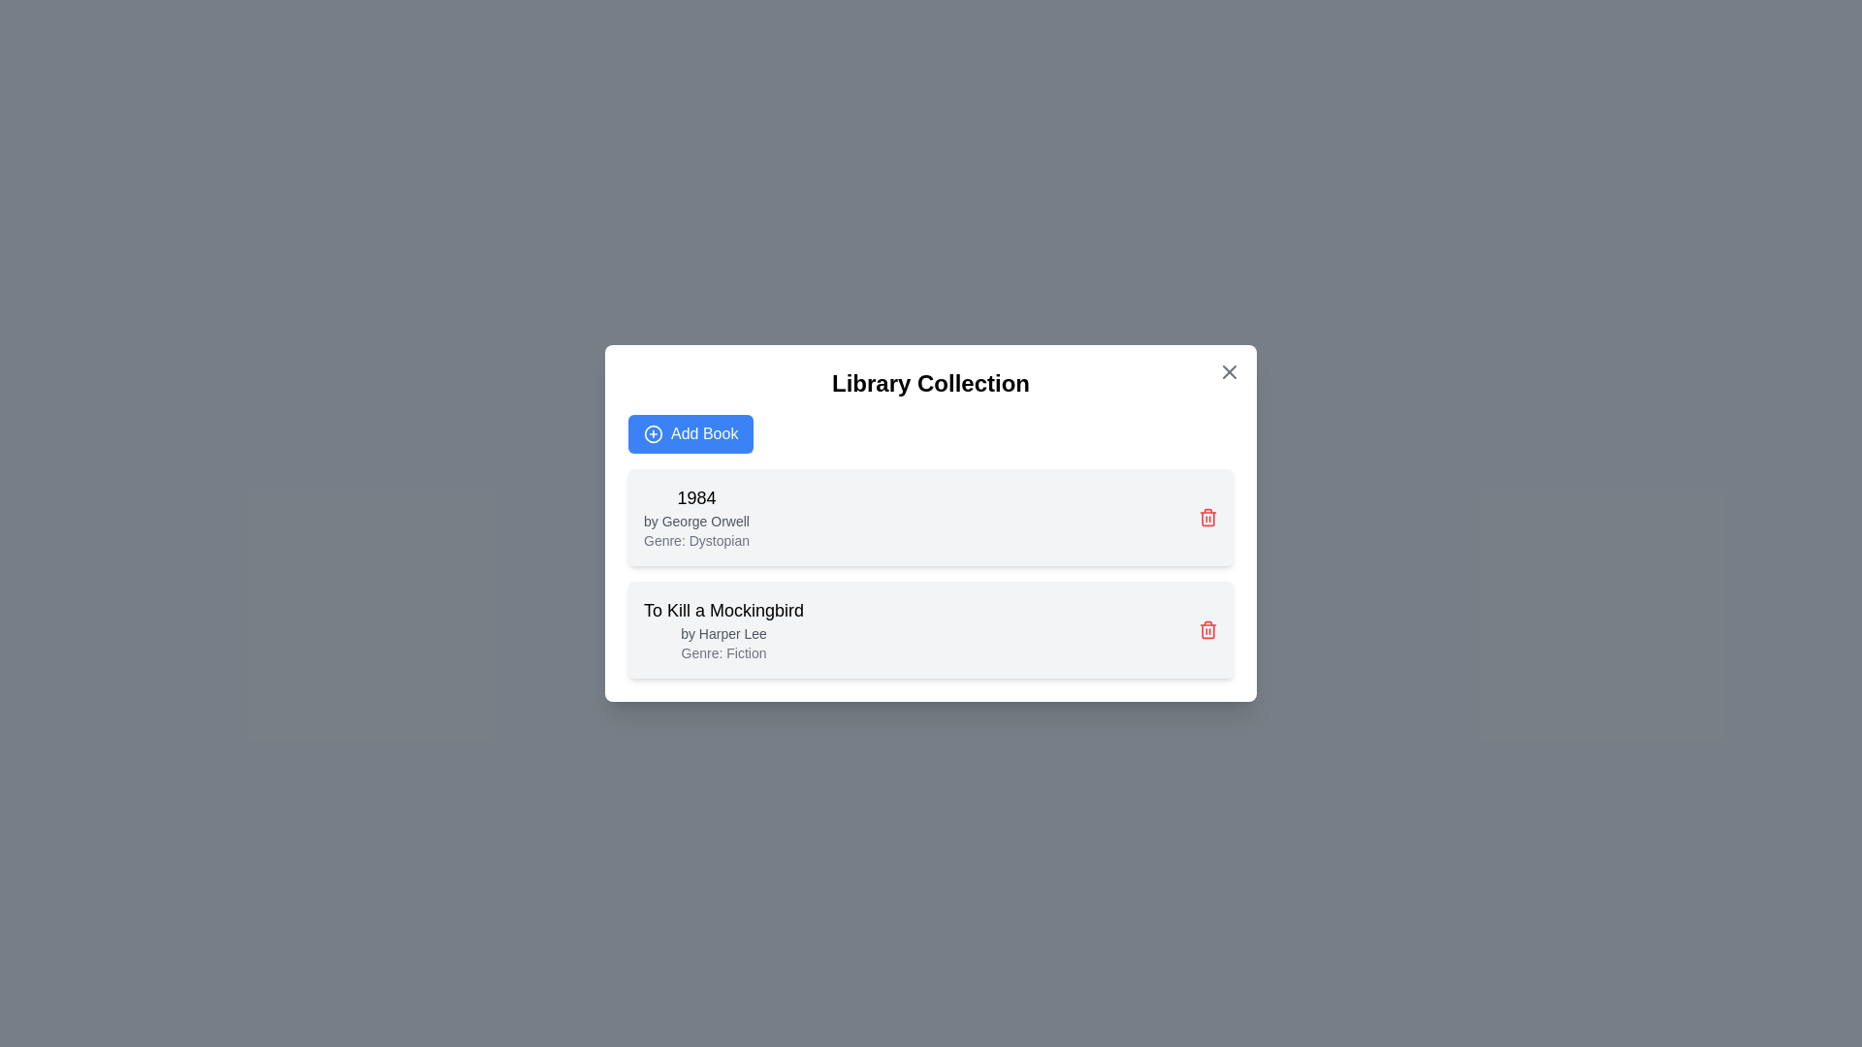 The height and width of the screenshot is (1047, 1862). I want to click on the first book entry card in the 'Library Collection' modal, so click(931, 523).